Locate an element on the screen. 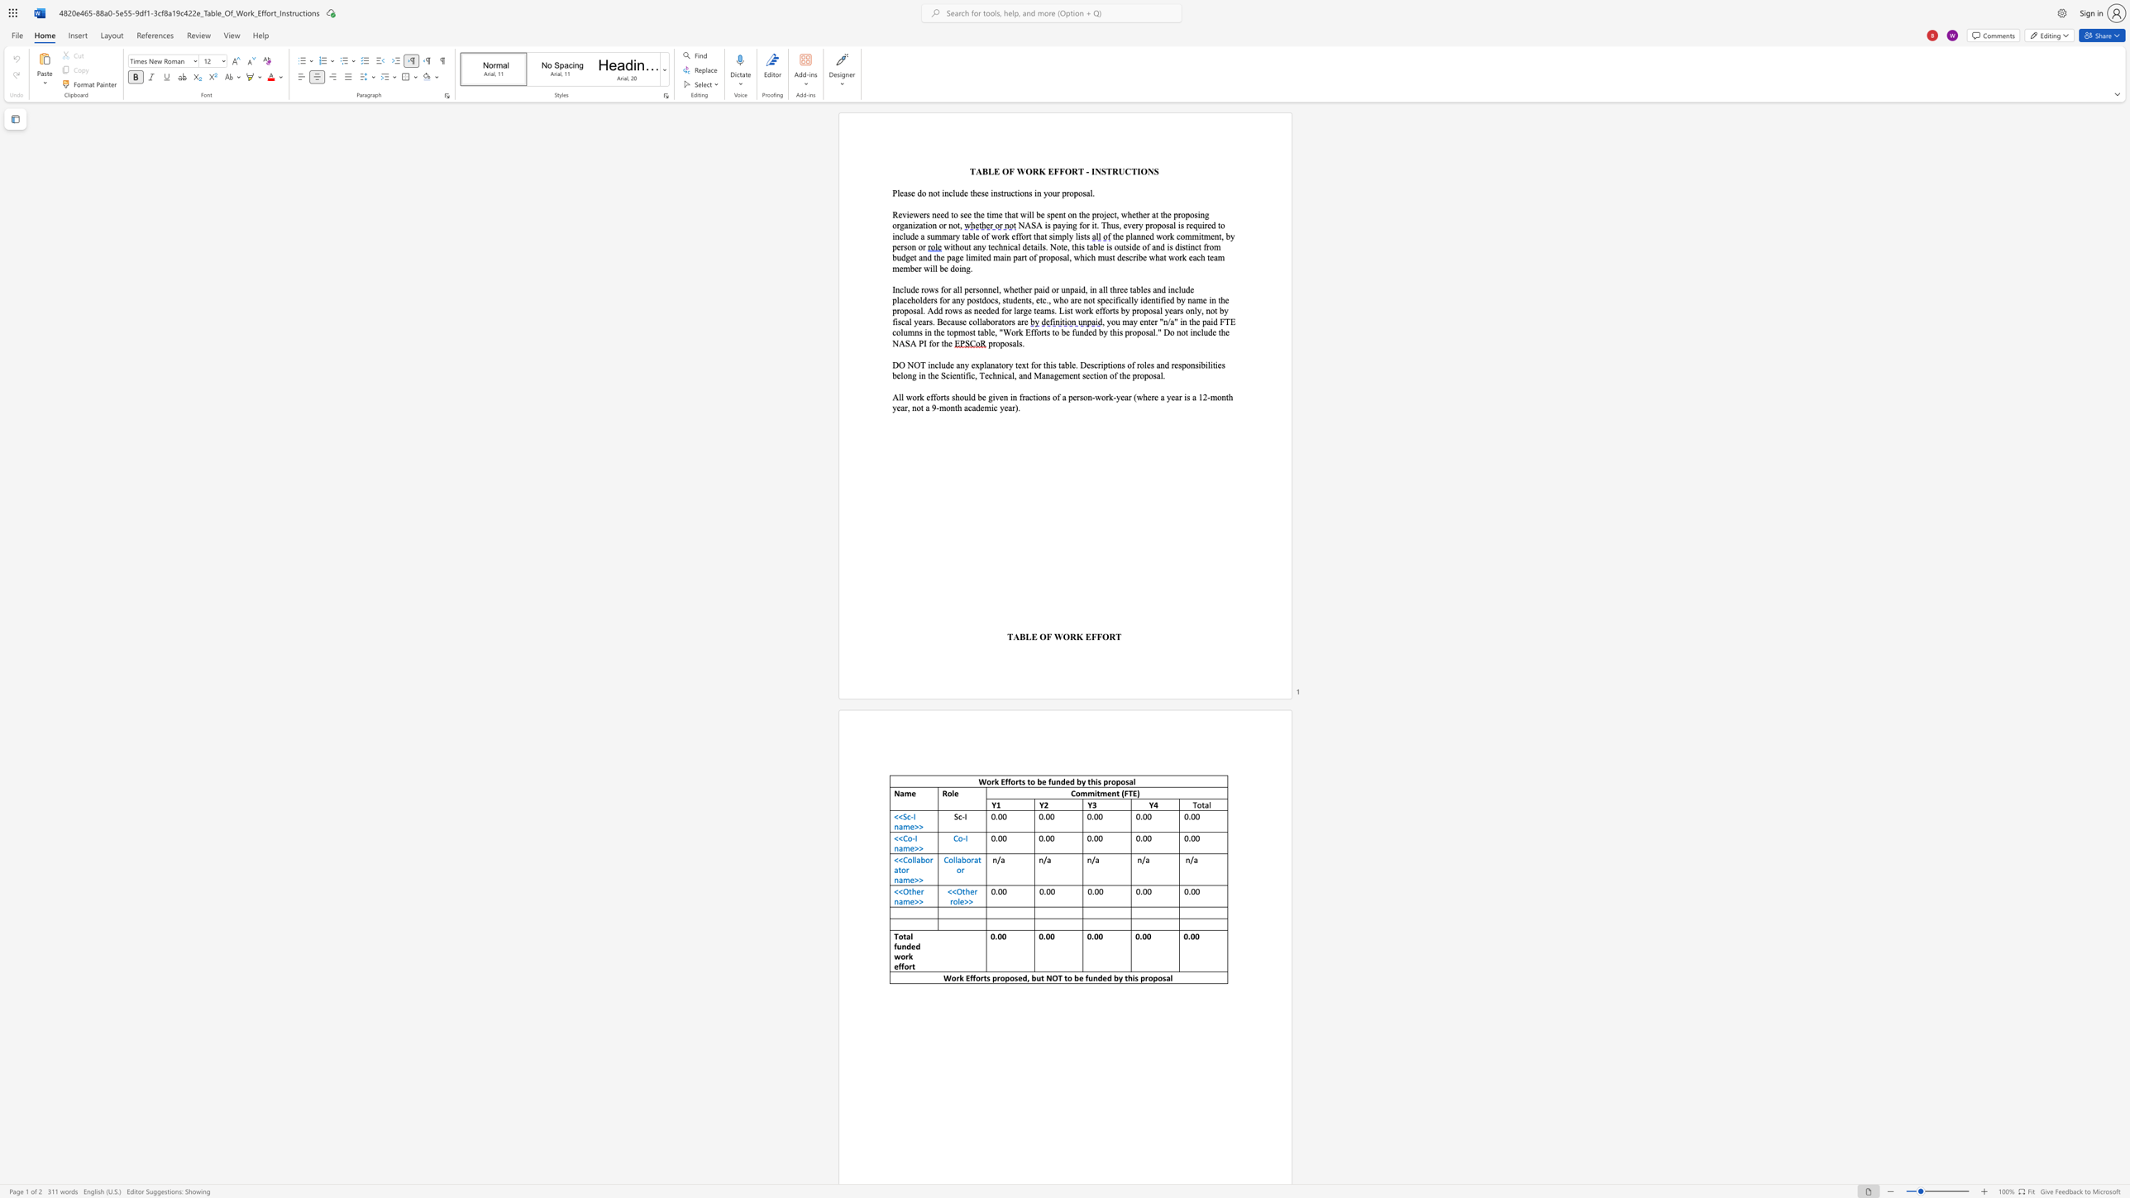  the subset text "ed" within the text "identified" is located at coordinates (1165, 299).